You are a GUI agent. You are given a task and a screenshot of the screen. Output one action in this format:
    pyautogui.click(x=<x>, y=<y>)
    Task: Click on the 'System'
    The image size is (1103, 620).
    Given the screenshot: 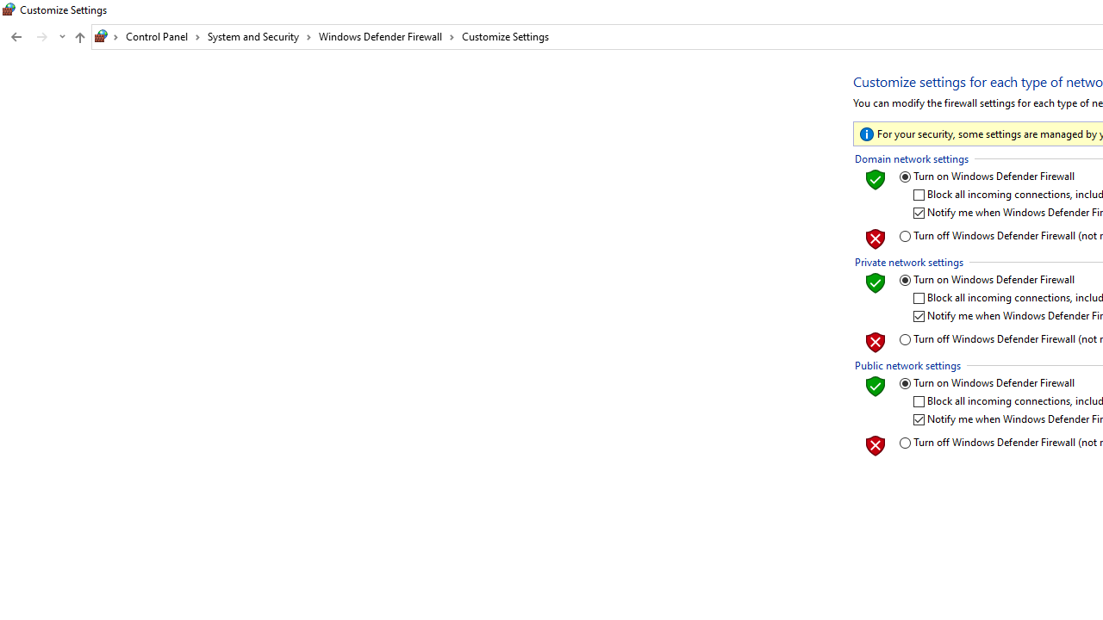 What is the action you would take?
    pyautogui.click(x=9, y=9)
    